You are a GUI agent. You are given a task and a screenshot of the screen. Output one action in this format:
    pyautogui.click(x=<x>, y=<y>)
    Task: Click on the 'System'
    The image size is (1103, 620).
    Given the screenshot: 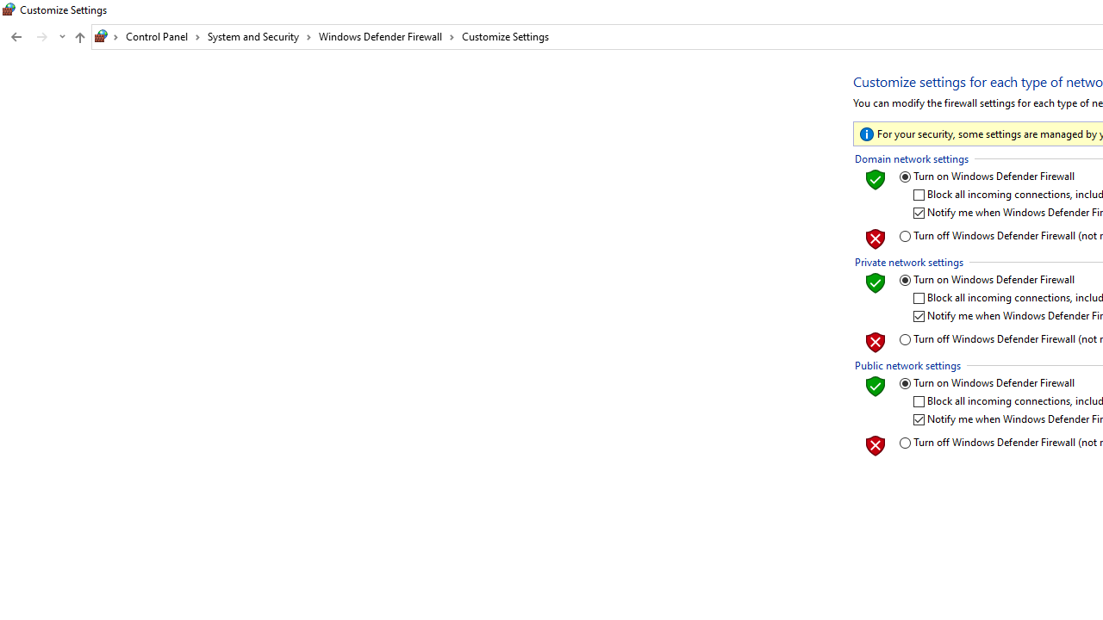 What is the action you would take?
    pyautogui.click(x=9, y=9)
    